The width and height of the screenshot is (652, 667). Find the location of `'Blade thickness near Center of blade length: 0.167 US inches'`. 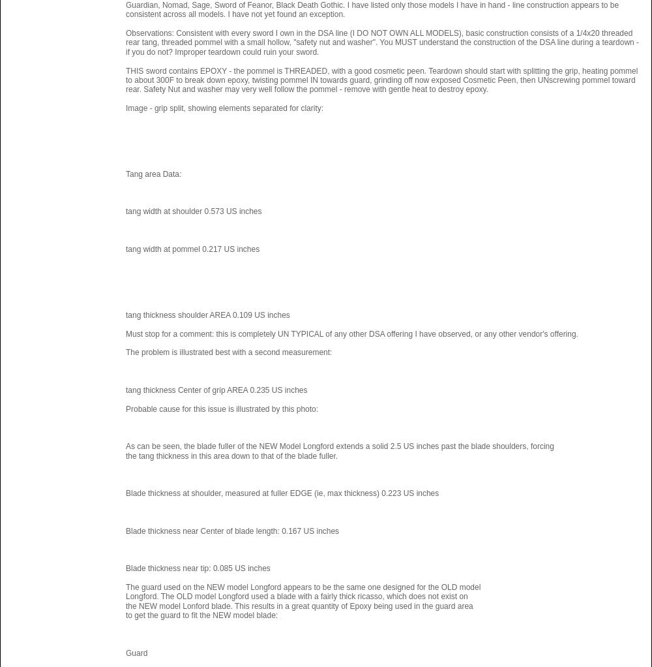

'Blade thickness near Center of blade length: 0.167 US inches' is located at coordinates (231, 530).